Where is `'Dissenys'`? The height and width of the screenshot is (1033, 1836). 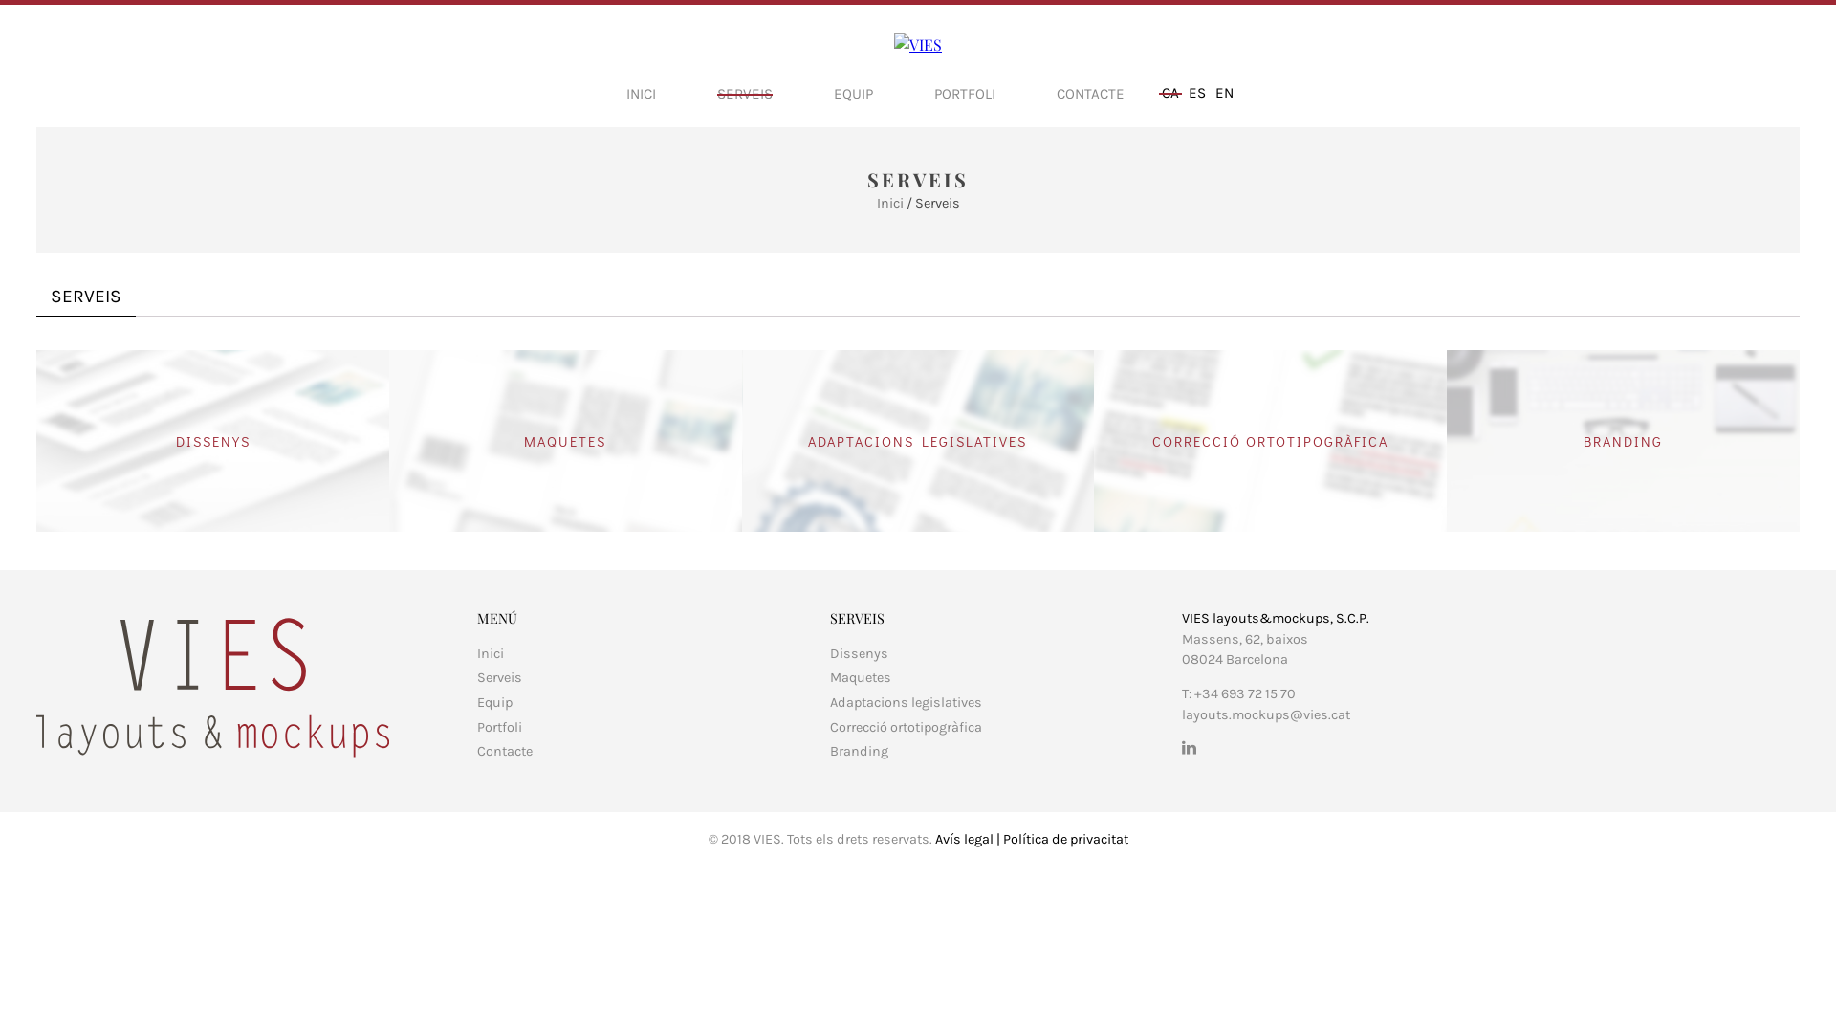 'Dissenys' is located at coordinates (858, 652).